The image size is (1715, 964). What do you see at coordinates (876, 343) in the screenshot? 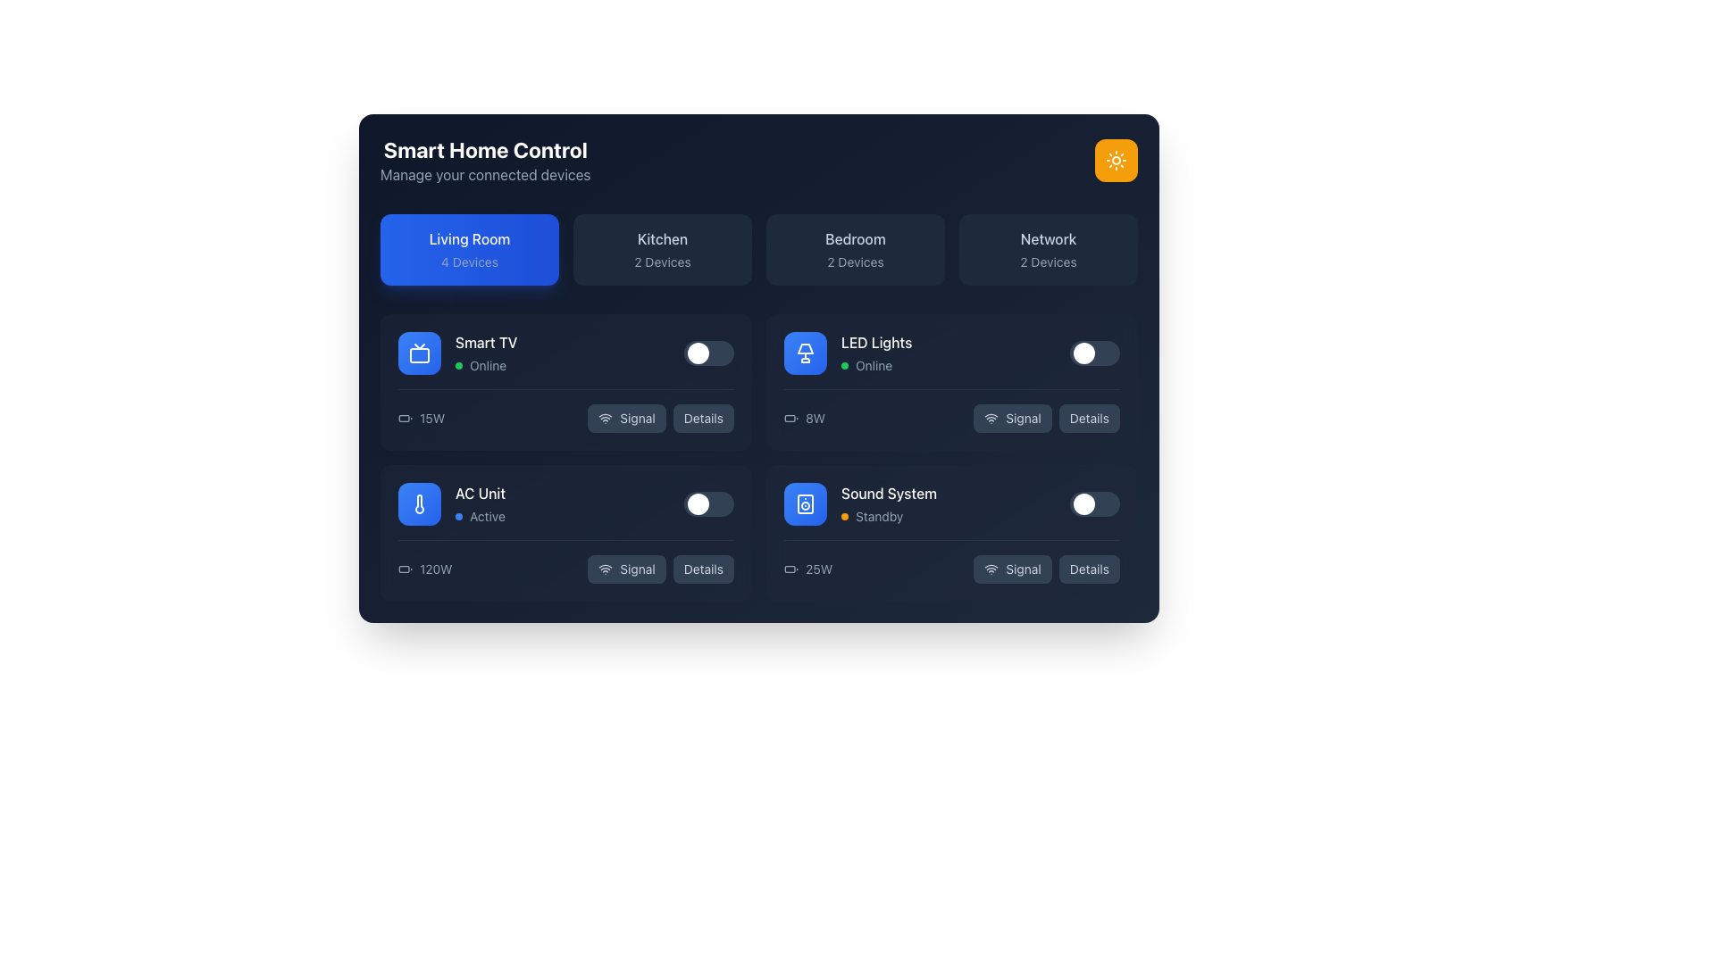
I see `the static text label that identifies the smart device located in the Living Room section, situated above the 'Online' label and next to the lightbulb icon` at bounding box center [876, 343].